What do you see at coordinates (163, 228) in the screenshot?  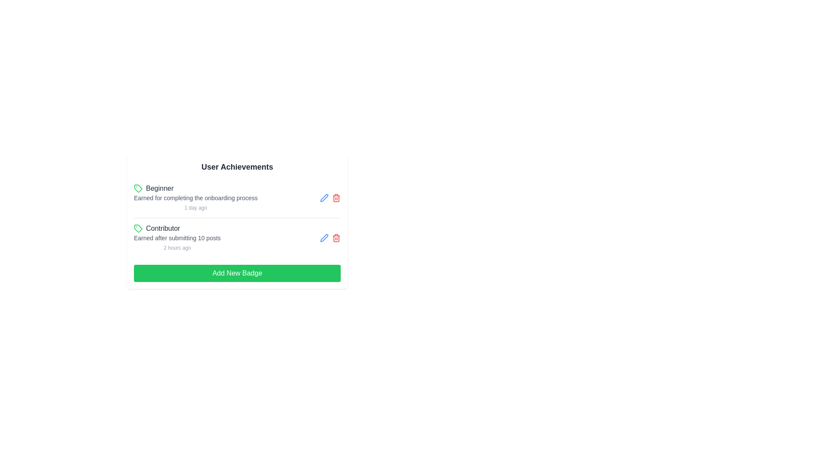 I see `the second text label under 'User Achievements', which indicates a title for a specific achievement category and is located to the right of a green tag icon` at bounding box center [163, 228].